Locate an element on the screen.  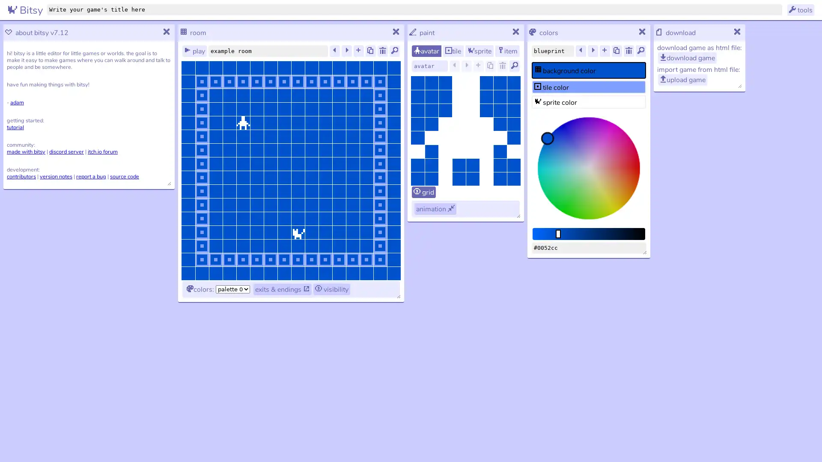
minimize about window is located at coordinates (167, 32).